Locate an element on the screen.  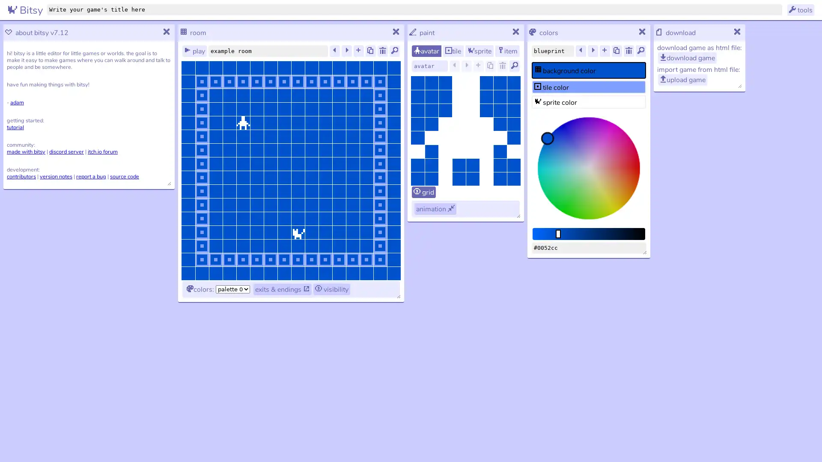
minimize about window is located at coordinates (167, 32).